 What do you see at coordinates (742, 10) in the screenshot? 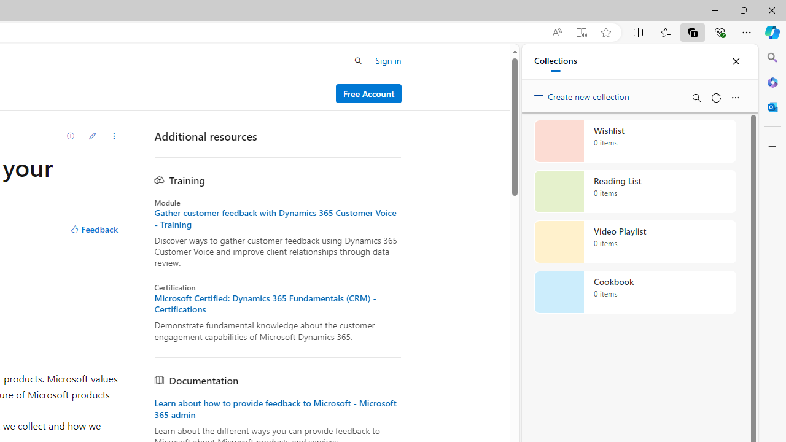
I see `'Restore'` at bounding box center [742, 10].